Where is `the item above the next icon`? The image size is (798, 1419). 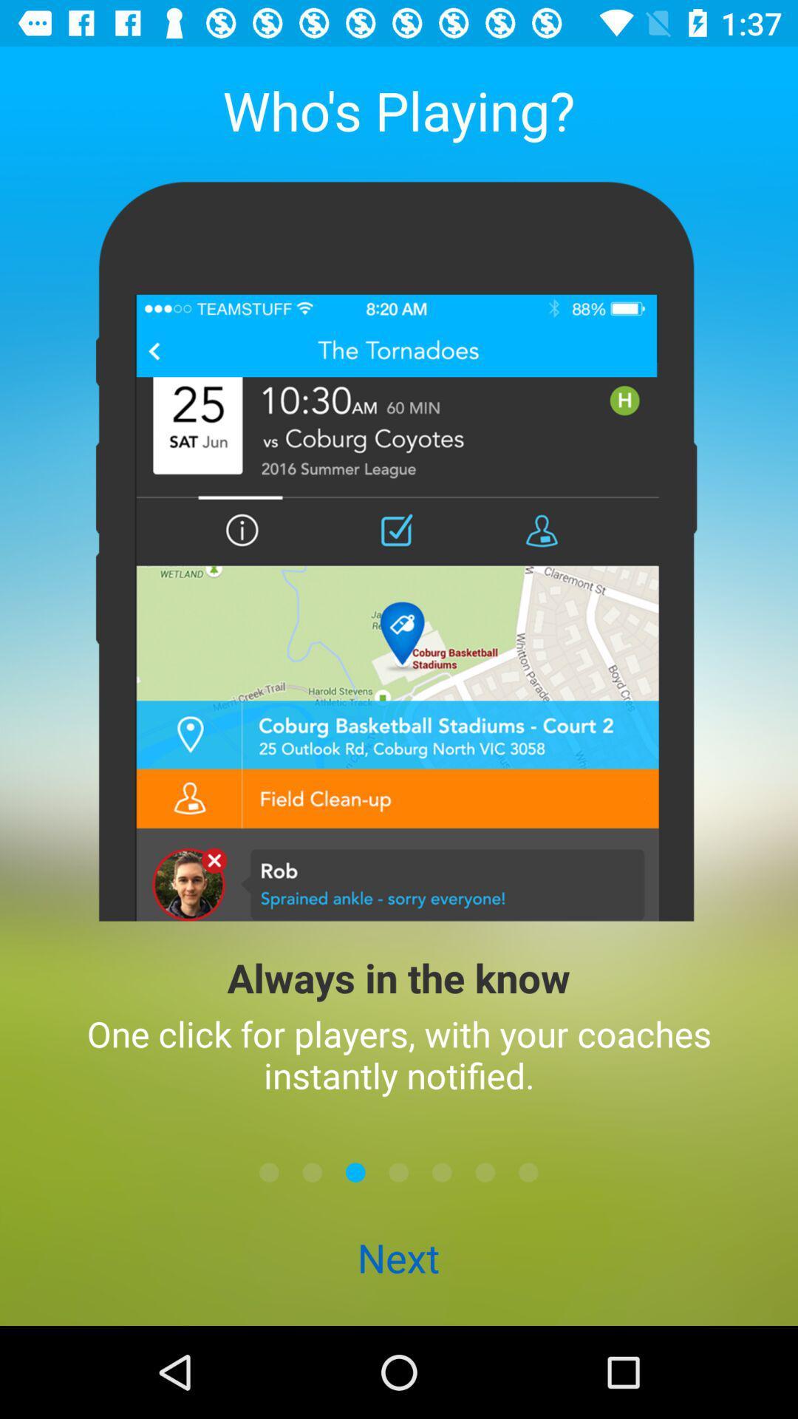 the item above the next icon is located at coordinates (312, 1171).